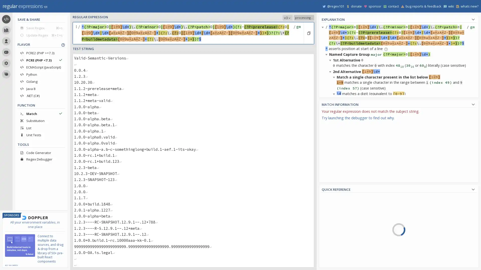 Image resolution: width=481 pixels, height=270 pixels. I want to click on Group Constructs, so click(345, 250).